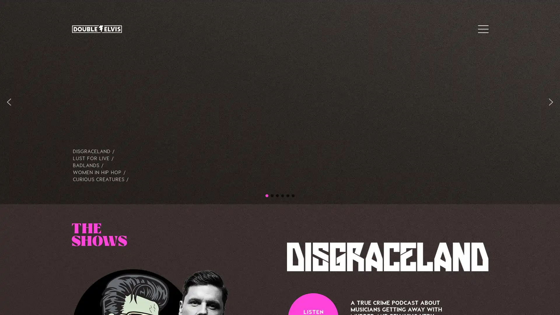 This screenshot has height=315, width=560. I want to click on Close, so click(353, 112).